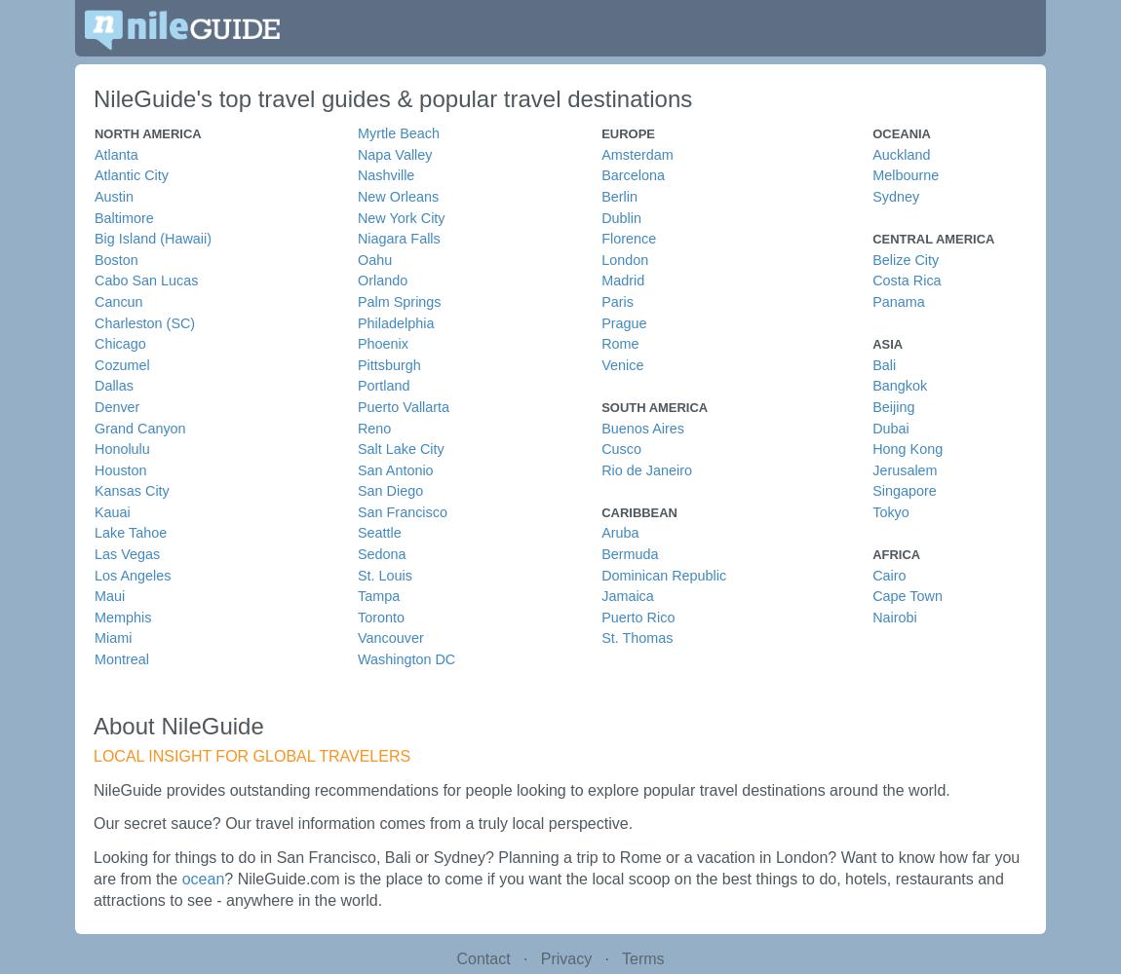  What do you see at coordinates (392, 97) in the screenshot?
I see `'NileGuide's top travel guides
& popular travel destinations'` at bounding box center [392, 97].